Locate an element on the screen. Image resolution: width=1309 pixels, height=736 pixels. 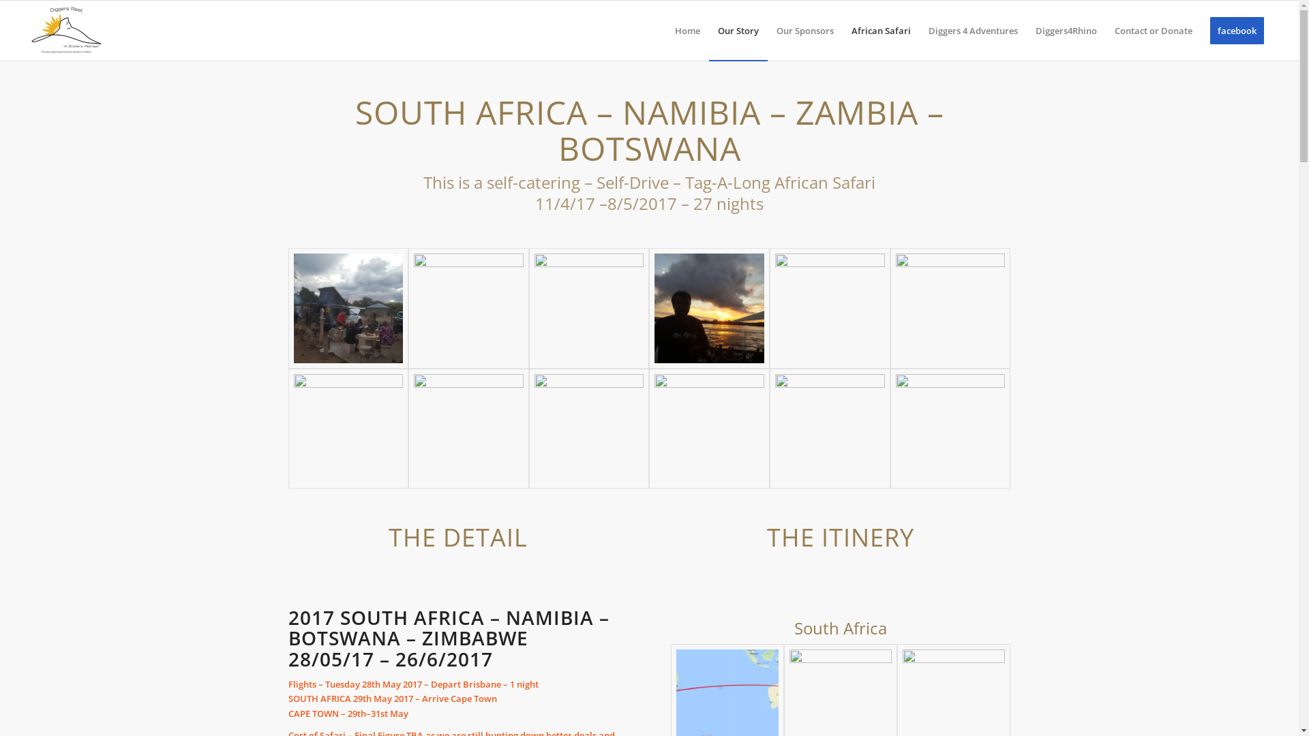
'African Safari' is located at coordinates (881, 31).